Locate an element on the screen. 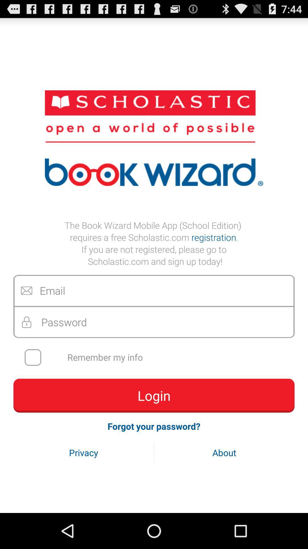 The height and width of the screenshot is (549, 308). login item is located at coordinates (154, 395).